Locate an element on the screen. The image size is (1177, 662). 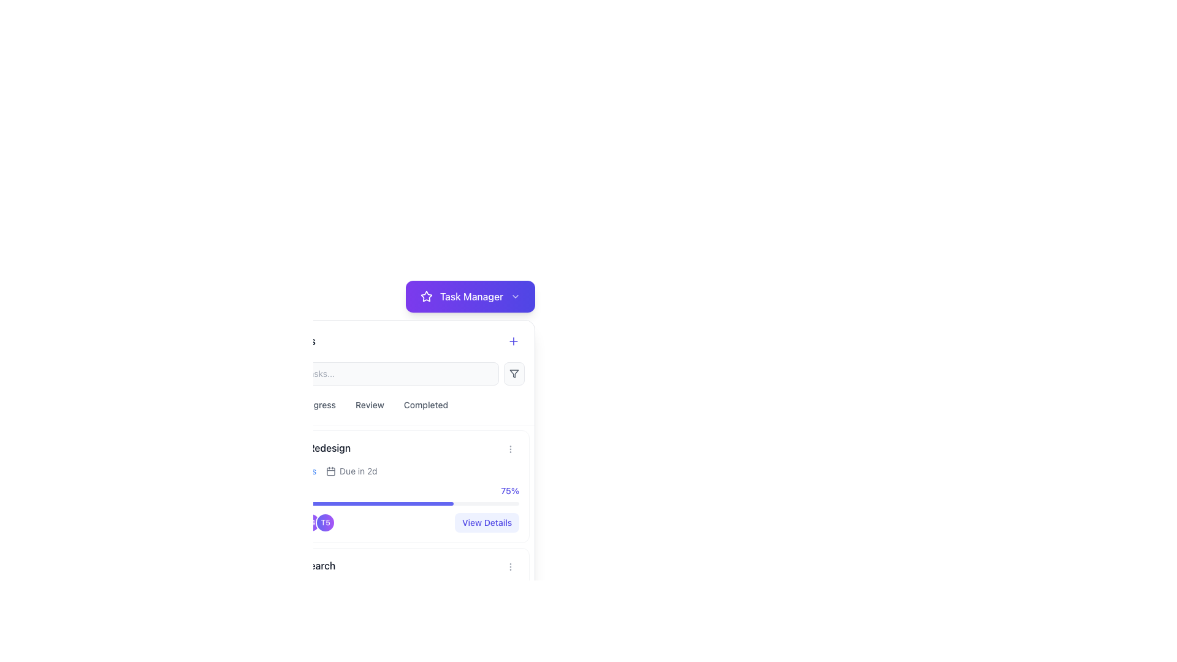
the button in the 'User Research' card segment to read the task details is located at coordinates (387, 617).